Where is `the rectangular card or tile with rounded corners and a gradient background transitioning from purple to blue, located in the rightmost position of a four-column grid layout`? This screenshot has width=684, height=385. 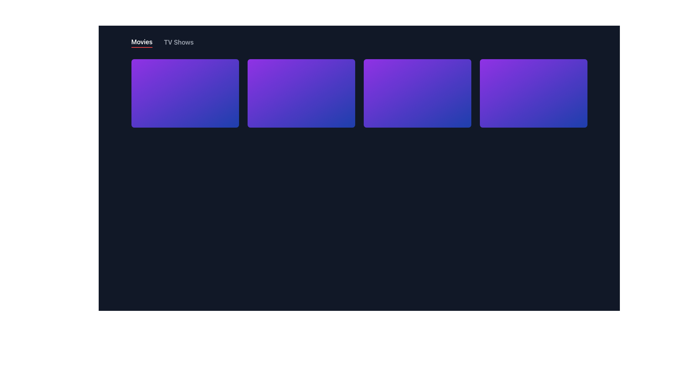
the rectangular card or tile with rounded corners and a gradient background transitioning from purple to blue, located in the rightmost position of a four-column grid layout is located at coordinates (533, 93).